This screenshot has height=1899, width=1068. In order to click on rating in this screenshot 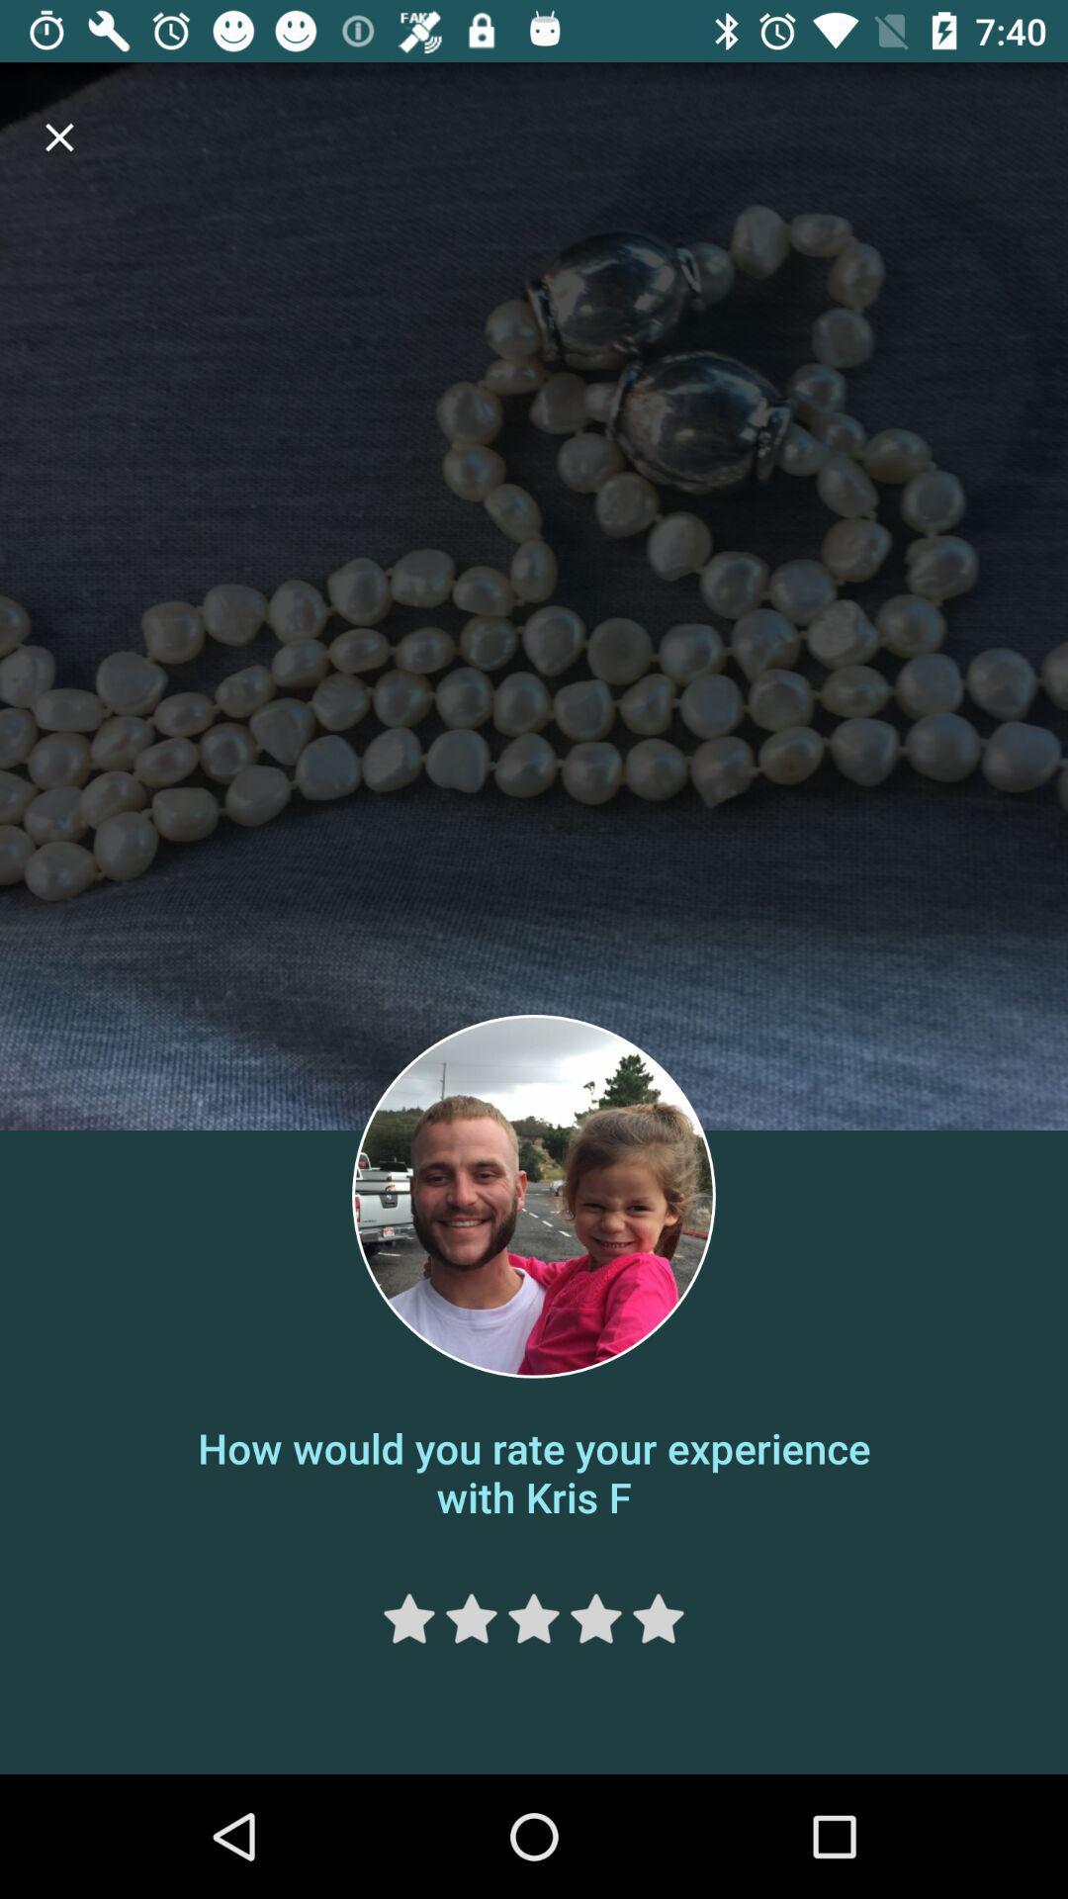, I will do `click(534, 1618)`.